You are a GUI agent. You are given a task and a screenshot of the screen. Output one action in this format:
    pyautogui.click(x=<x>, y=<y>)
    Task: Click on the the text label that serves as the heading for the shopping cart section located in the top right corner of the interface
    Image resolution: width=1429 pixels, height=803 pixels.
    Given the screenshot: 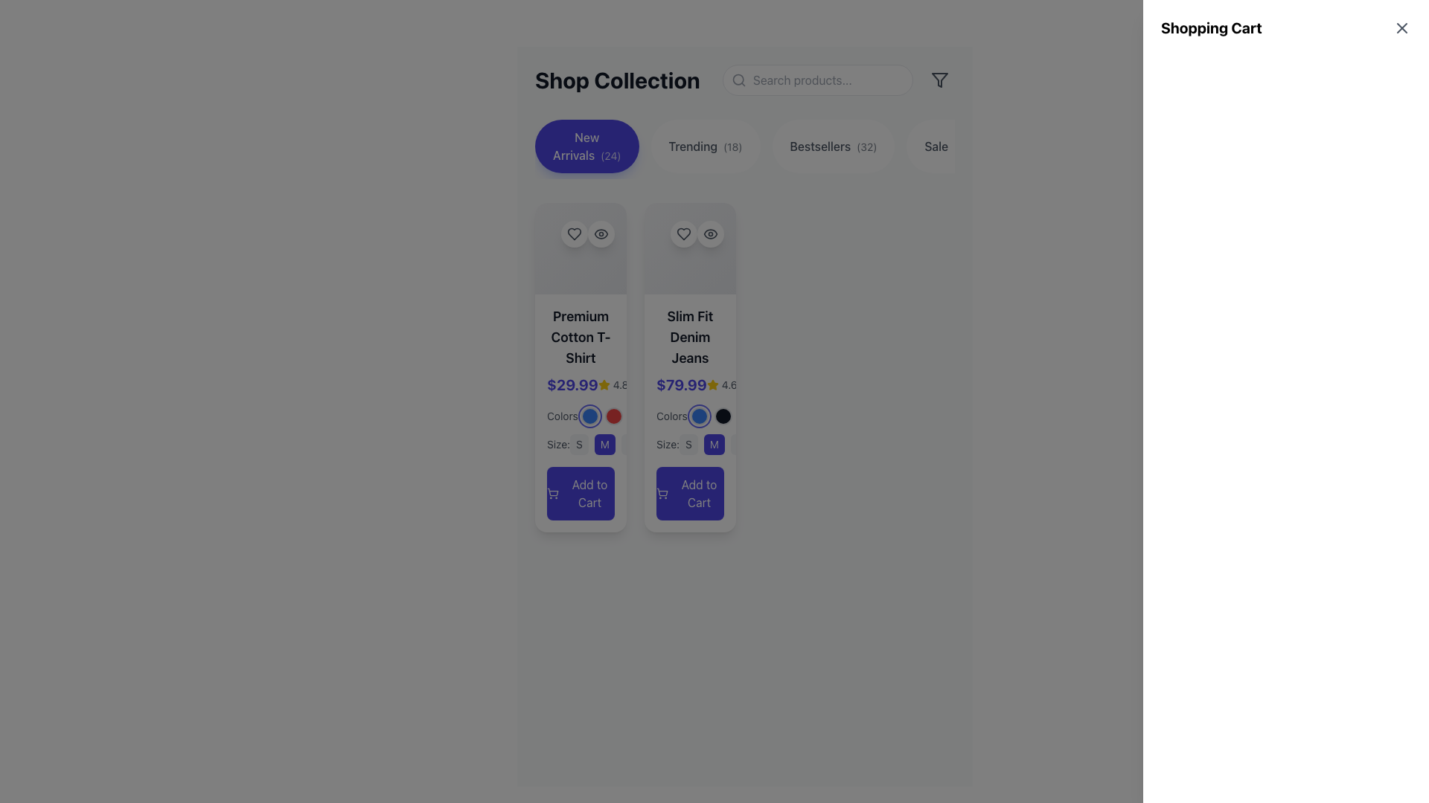 What is the action you would take?
    pyautogui.click(x=1211, y=28)
    